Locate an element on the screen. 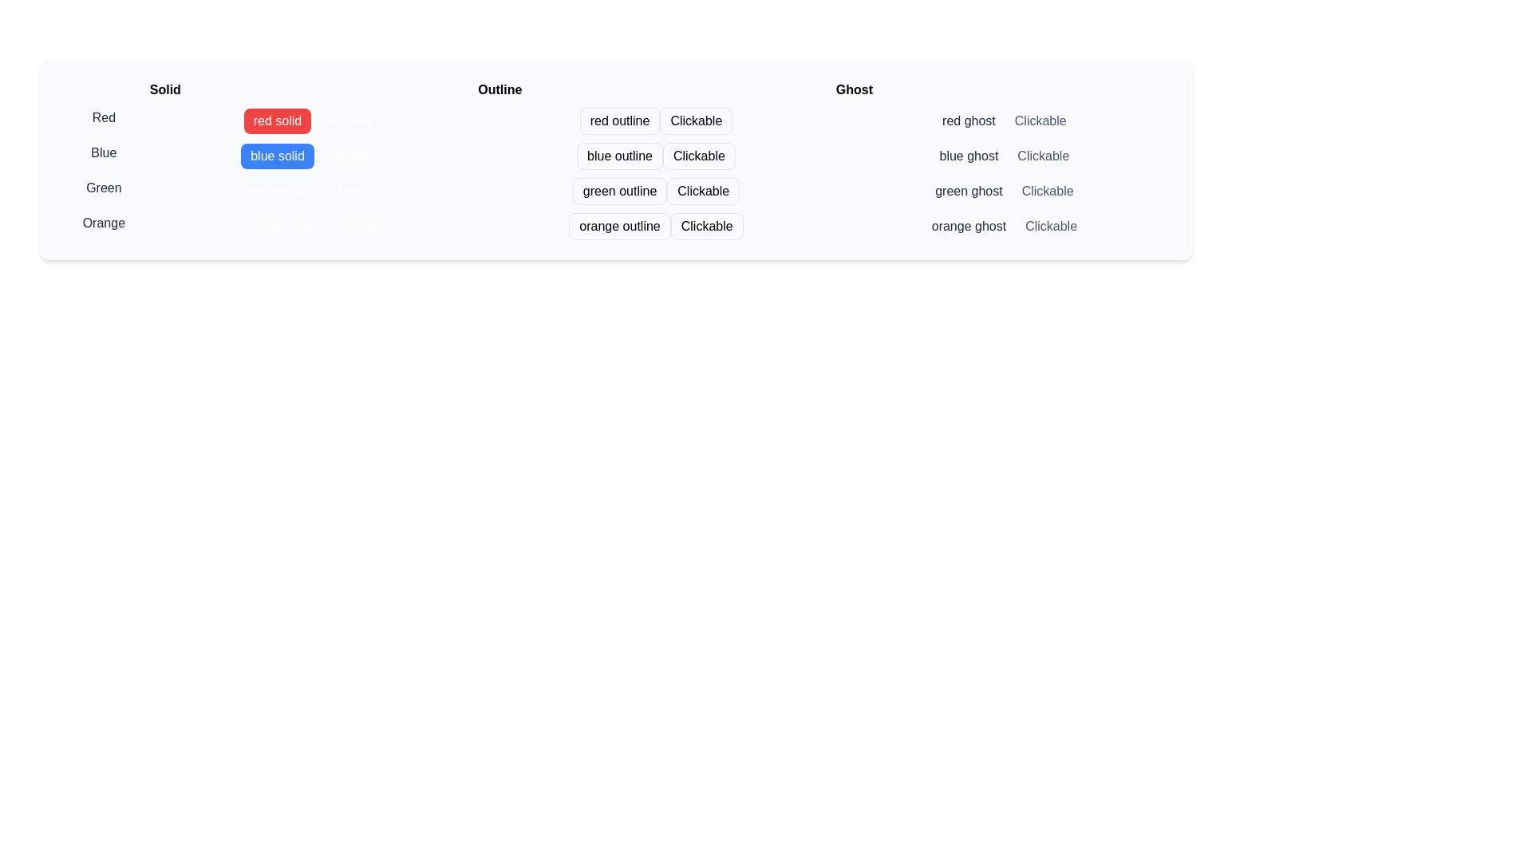 This screenshot has height=862, width=1532. the non-interactive button styled with a green outline, located beneath the 'Outline' heading, specifically the third item in the column, to the left of the 'Clickable' button is located at coordinates (619, 190).